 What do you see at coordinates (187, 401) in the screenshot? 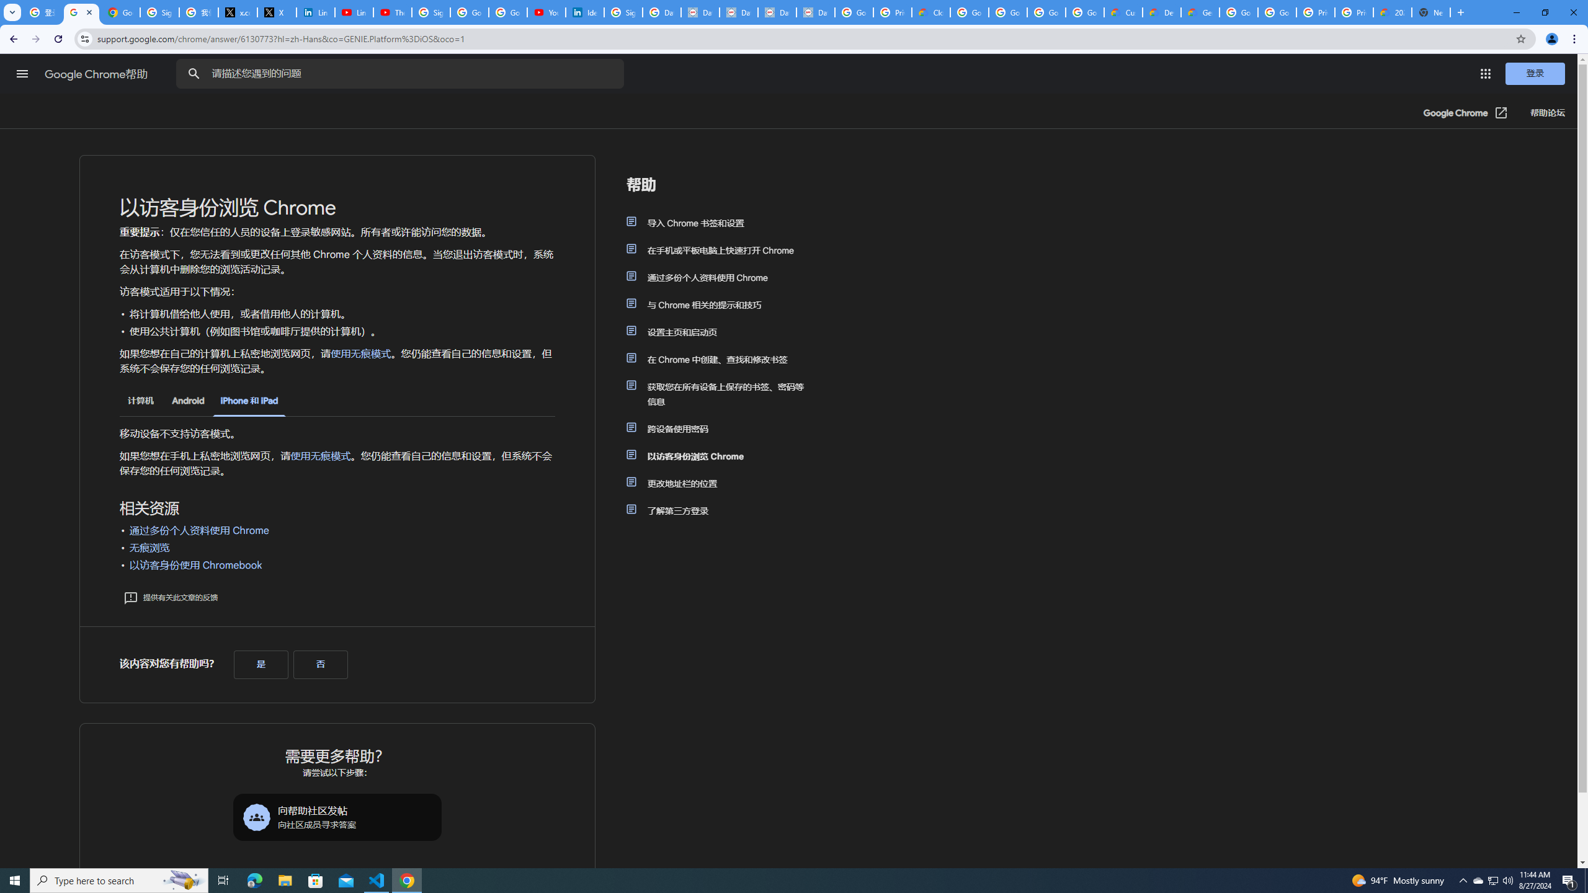
I see `'Android'` at bounding box center [187, 401].